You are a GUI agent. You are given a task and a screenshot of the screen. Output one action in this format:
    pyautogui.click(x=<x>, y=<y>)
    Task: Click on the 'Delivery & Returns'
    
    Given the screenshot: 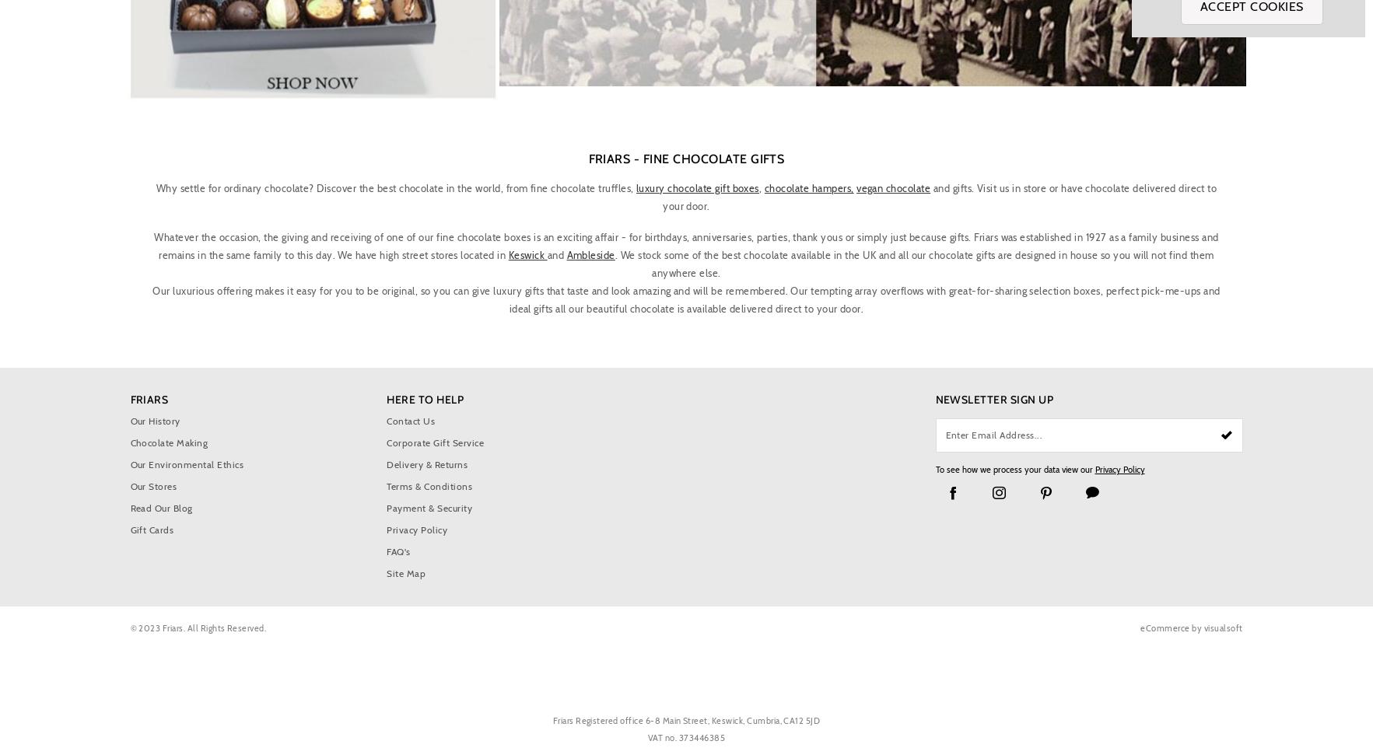 What is the action you would take?
    pyautogui.click(x=426, y=463)
    